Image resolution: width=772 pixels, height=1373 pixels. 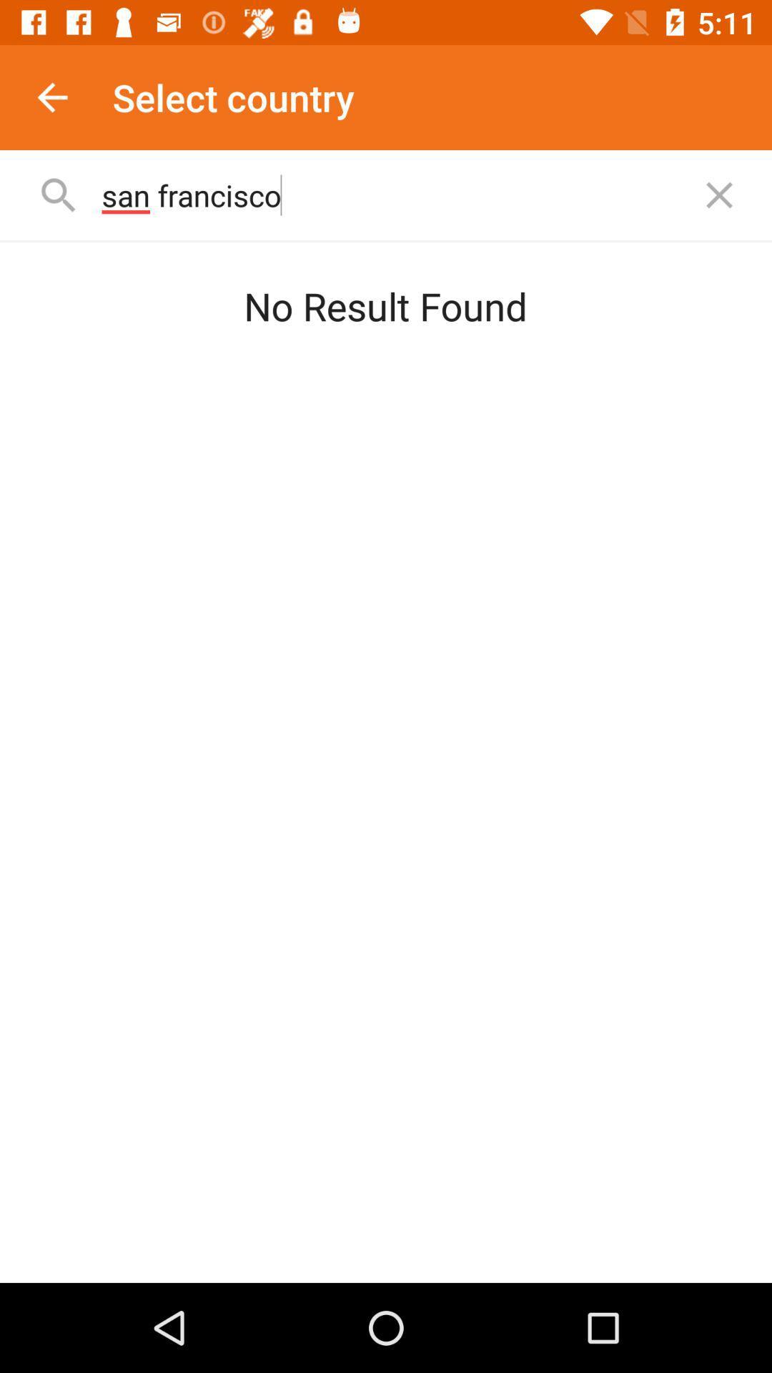 I want to click on the icon at the top right corner, so click(x=719, y=195).